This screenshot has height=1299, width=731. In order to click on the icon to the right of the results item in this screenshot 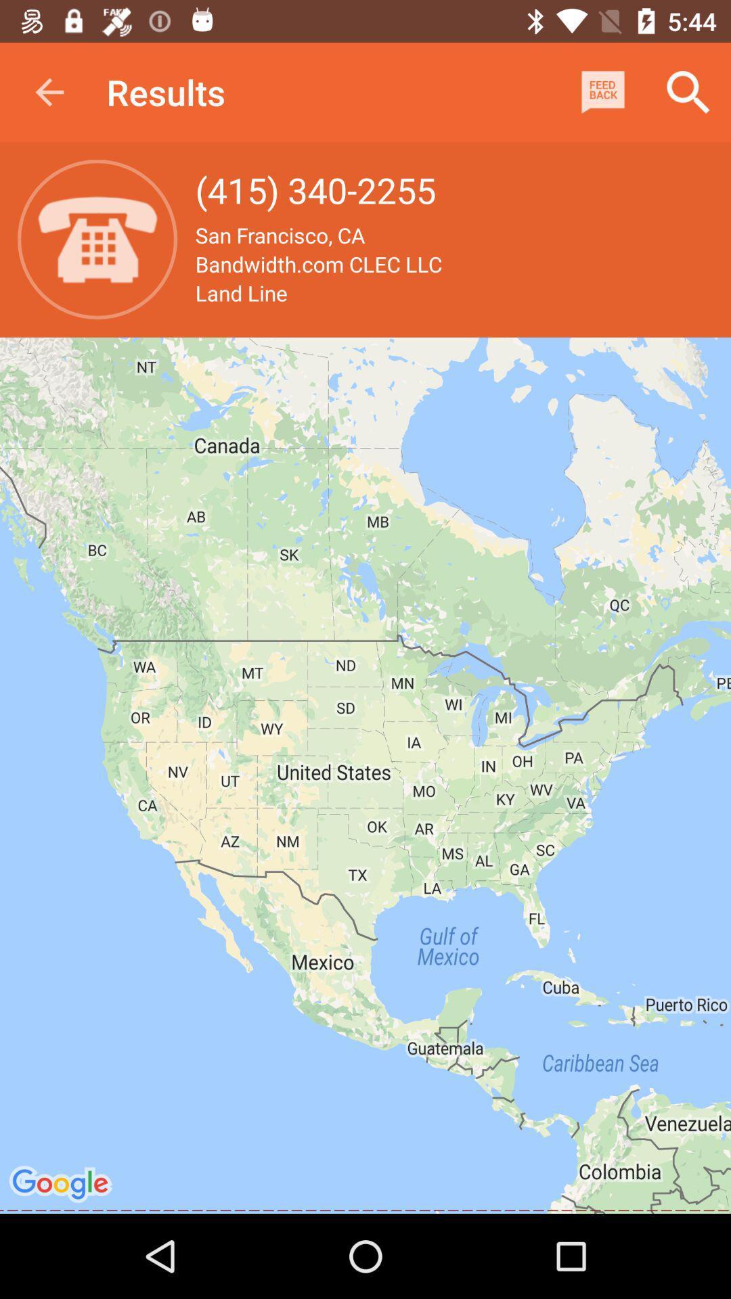, I will do `click(602, 91)`.